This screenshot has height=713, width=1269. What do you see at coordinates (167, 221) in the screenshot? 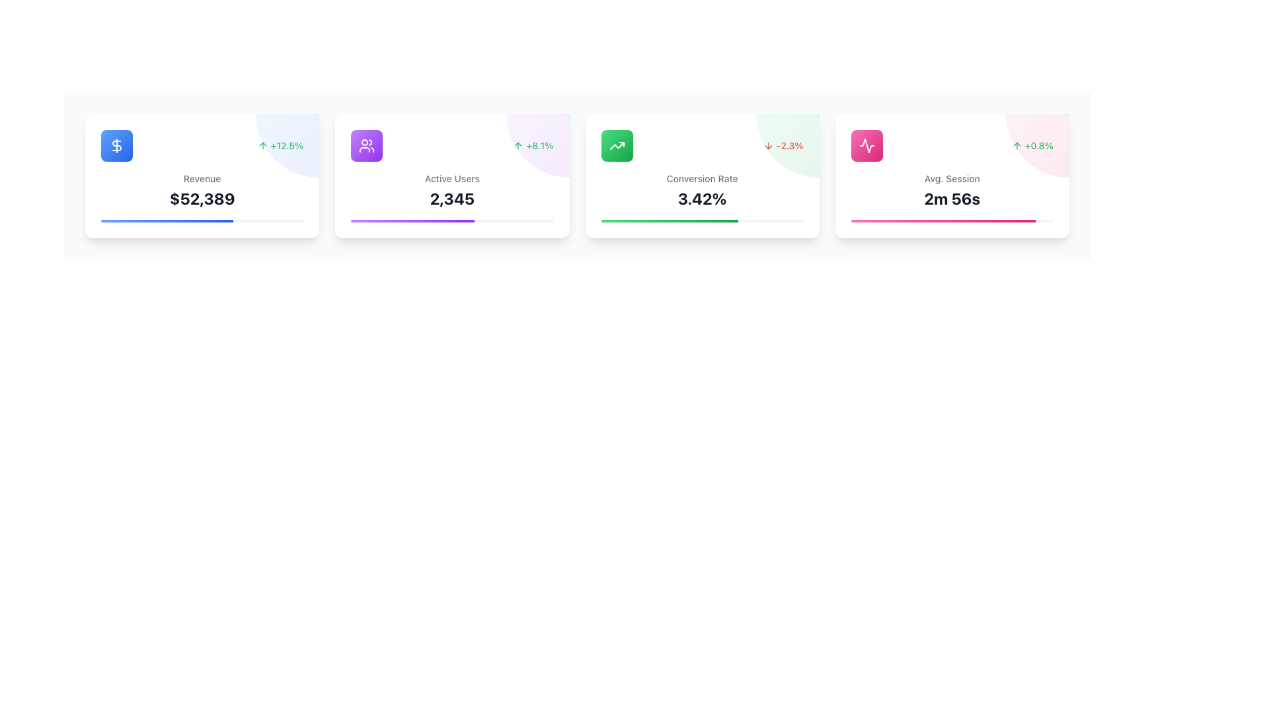
I see `the visual representation of progress on the progress bar segment located inside the white card titled 'Revenue' in the first column of the grid layout` at bounding box center [167, 221].